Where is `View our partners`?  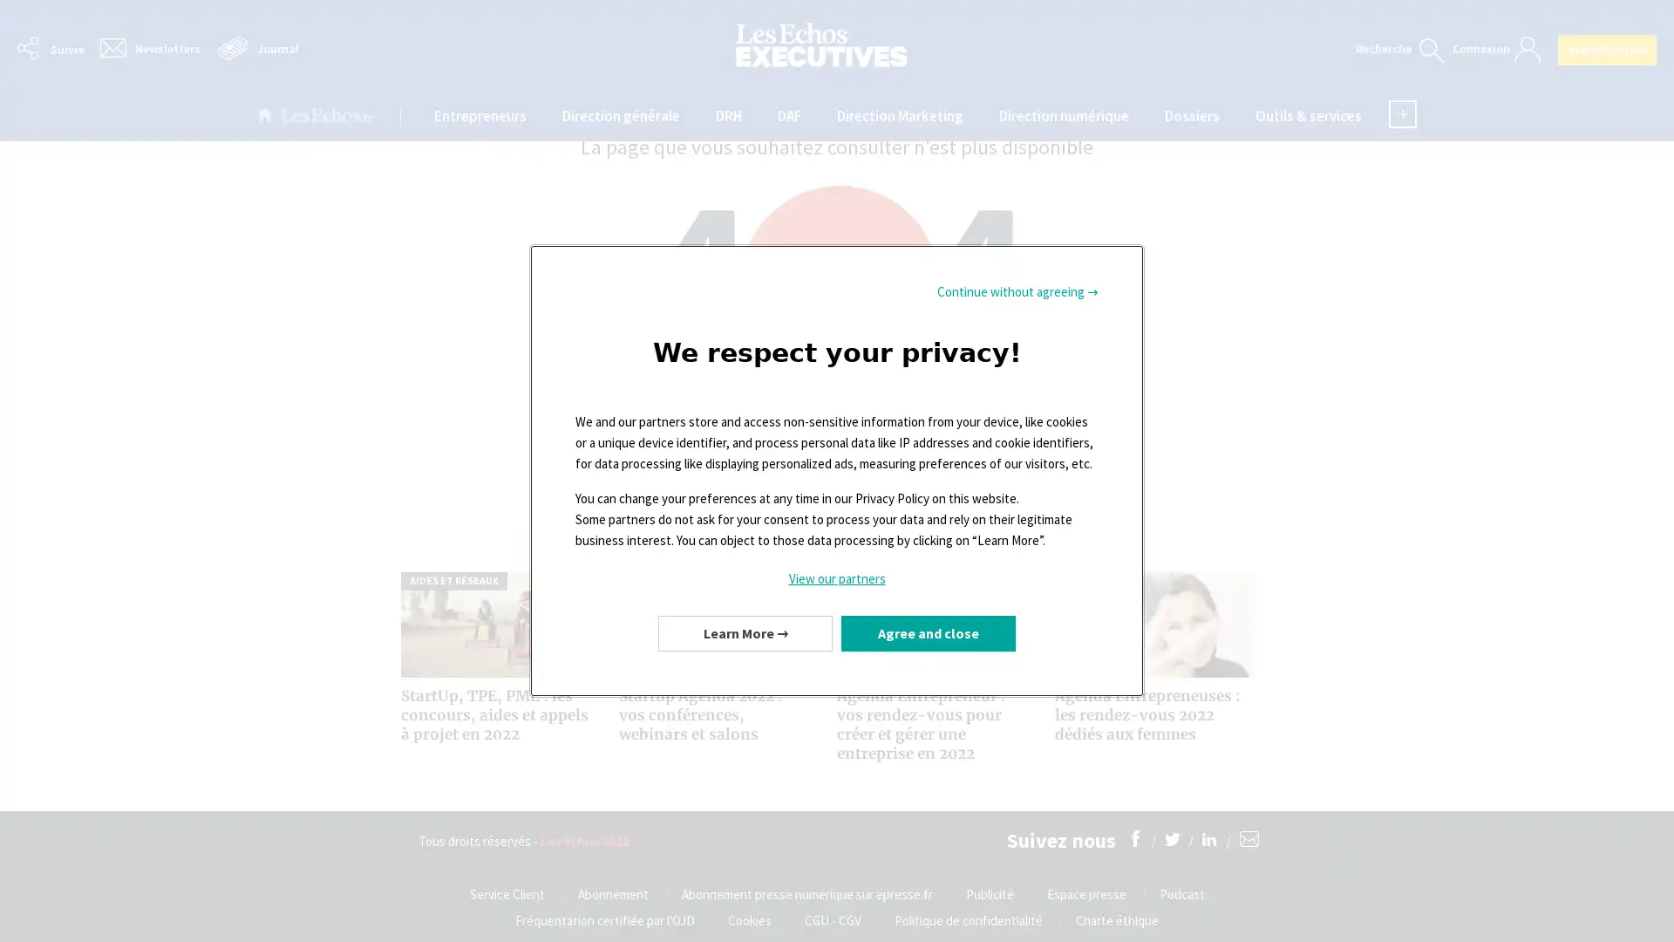 View our partners is located at coordinates (837, 578).